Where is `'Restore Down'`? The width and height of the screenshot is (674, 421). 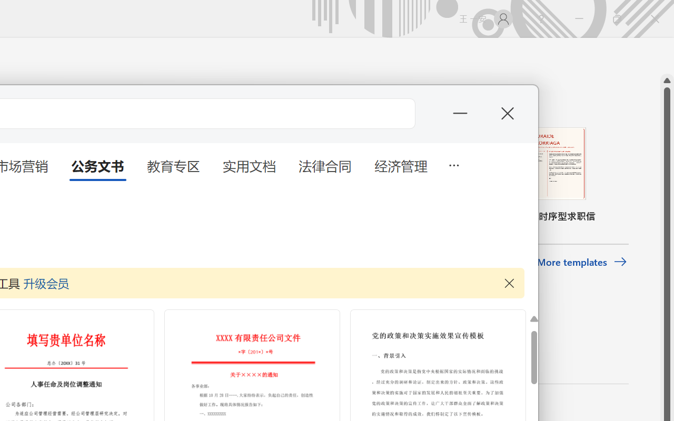
'Restore Down' is located at coordinates (617, 18).